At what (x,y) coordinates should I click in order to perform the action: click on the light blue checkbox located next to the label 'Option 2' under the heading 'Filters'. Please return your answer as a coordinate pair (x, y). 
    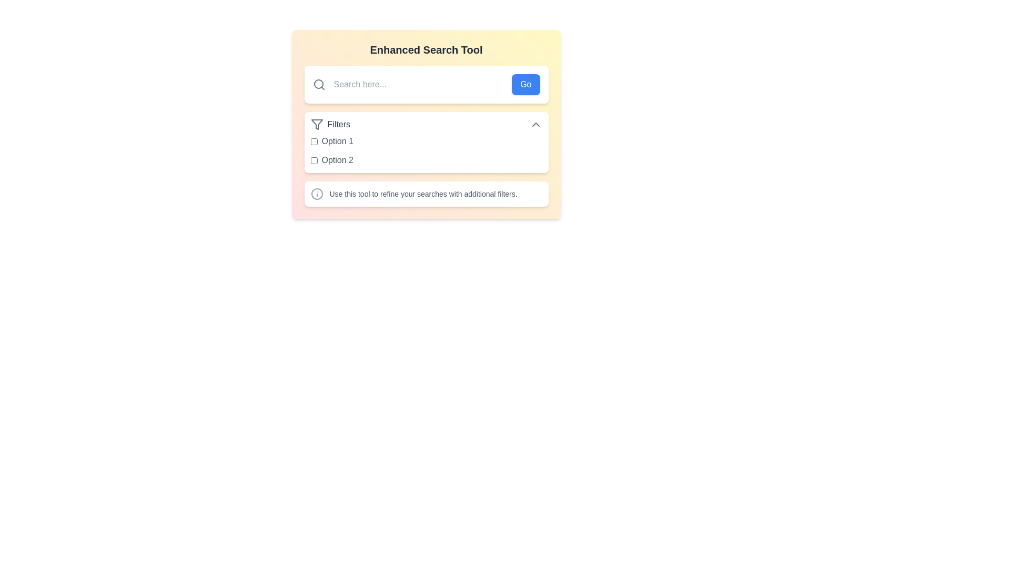
    Looking at the image, I should click on (313, 160).